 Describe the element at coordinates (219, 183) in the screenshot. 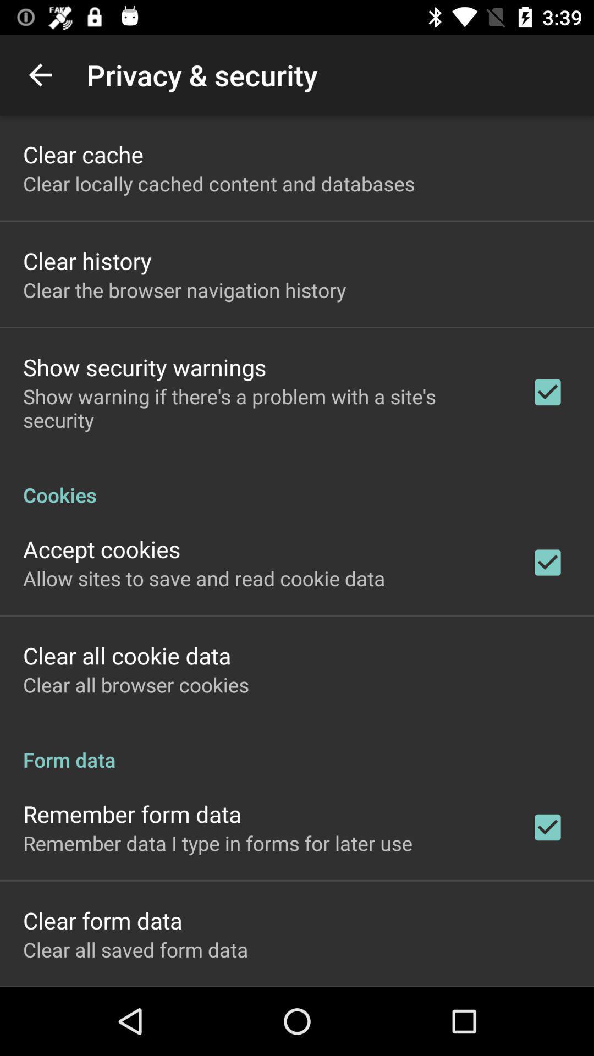

I see `the app below clear cache icon` at that location.